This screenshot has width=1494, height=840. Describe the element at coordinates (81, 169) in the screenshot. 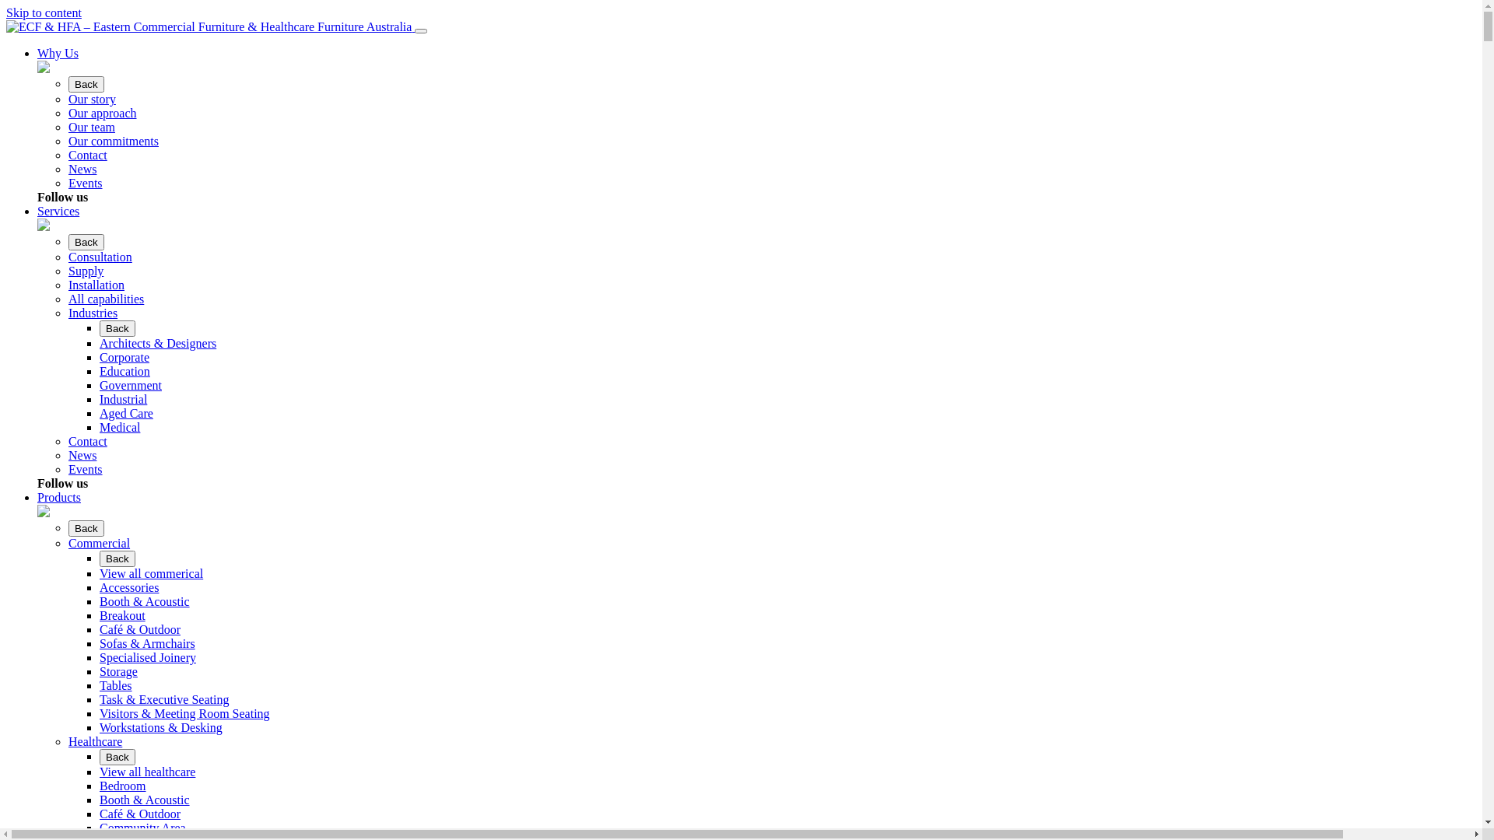

I see `'News'` at that location.